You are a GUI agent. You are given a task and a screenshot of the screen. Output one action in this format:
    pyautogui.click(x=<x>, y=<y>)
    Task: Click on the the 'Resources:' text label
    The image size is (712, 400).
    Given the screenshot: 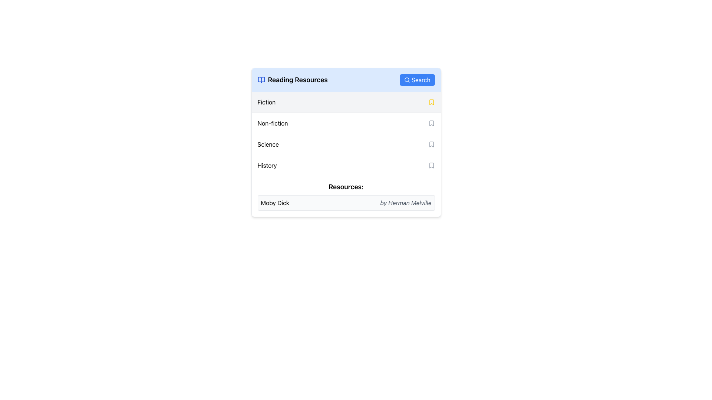 What is the action you would take?
    pyautogui.click(x=346, y=187)
    